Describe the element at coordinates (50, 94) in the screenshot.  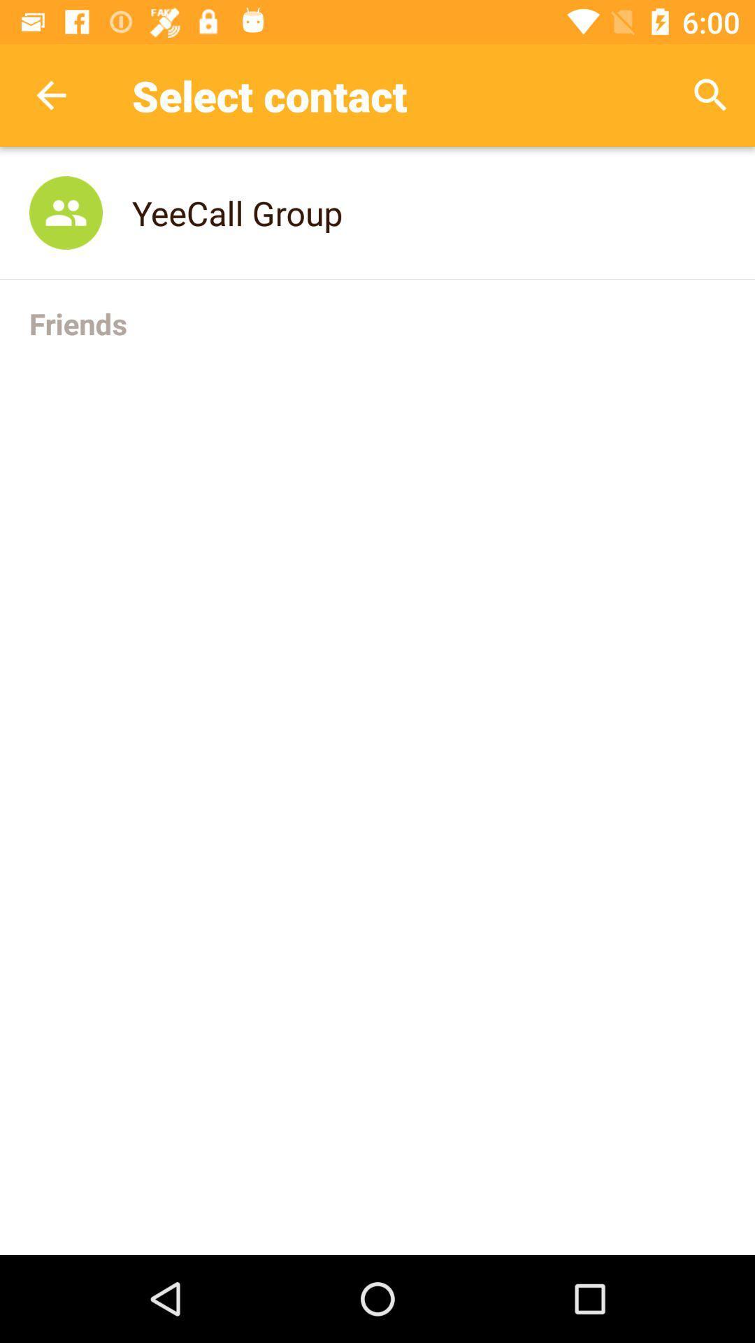
I see `go back` at that location.